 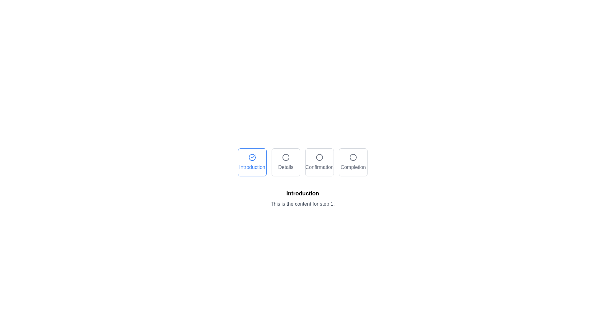 I want to click on the Circle SVG graphic element that visually represents the 'Completion' step in the fourth step indicator of the stepper navigation component, located beneath the label 'Completion', so click(x=353, y=157).